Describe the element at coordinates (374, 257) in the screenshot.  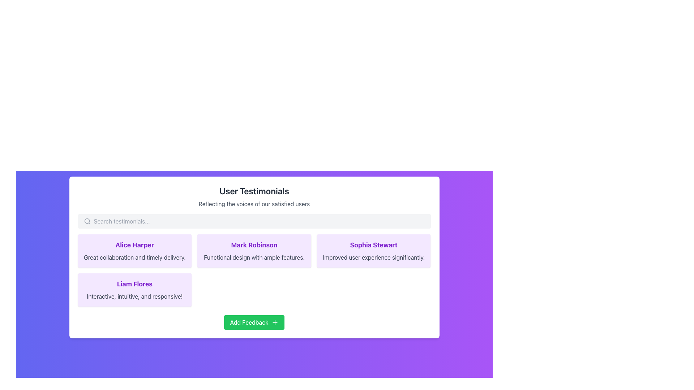
I see `testimonial text label located directly below the header 'Sophia Stewart' in the purple-highlighted card` at that location.